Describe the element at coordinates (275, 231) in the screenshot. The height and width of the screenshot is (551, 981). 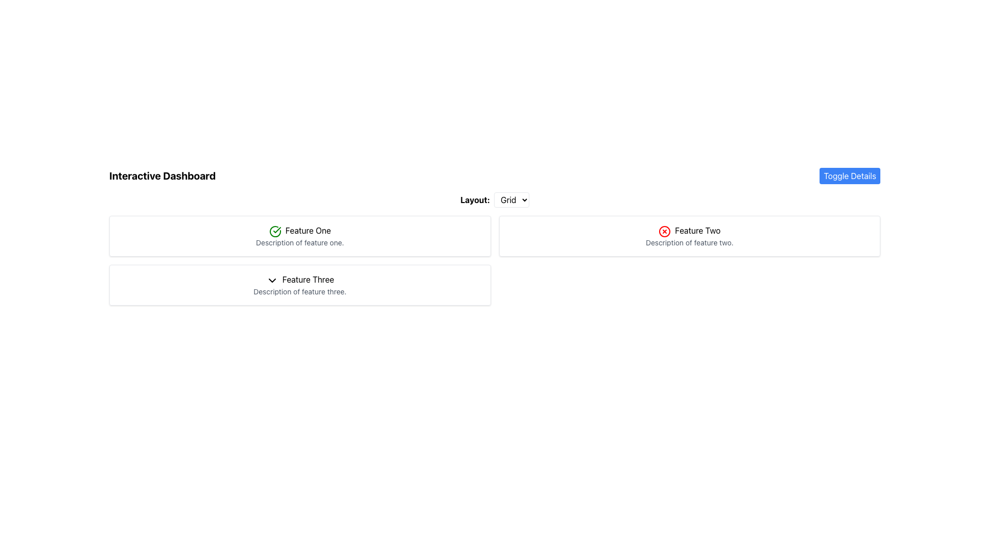
I see `the green stroke section of the circular checkmark icon located near the heading 'Feature One' on the dashboard` at that location.